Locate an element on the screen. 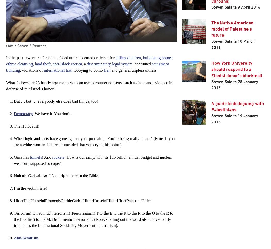  'Reuters' is located at coordinates (39, 46).